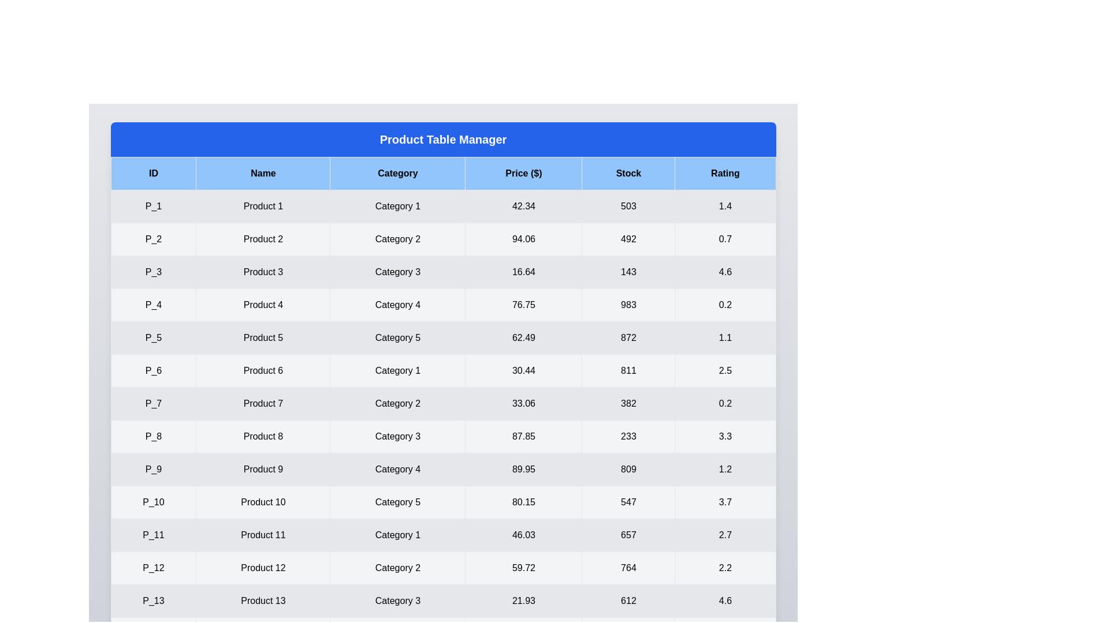 The image size is (1109, 623). Describe the element at coordinates (628, 173) in the screenshot. I see `the header of the column Stock` at that location.